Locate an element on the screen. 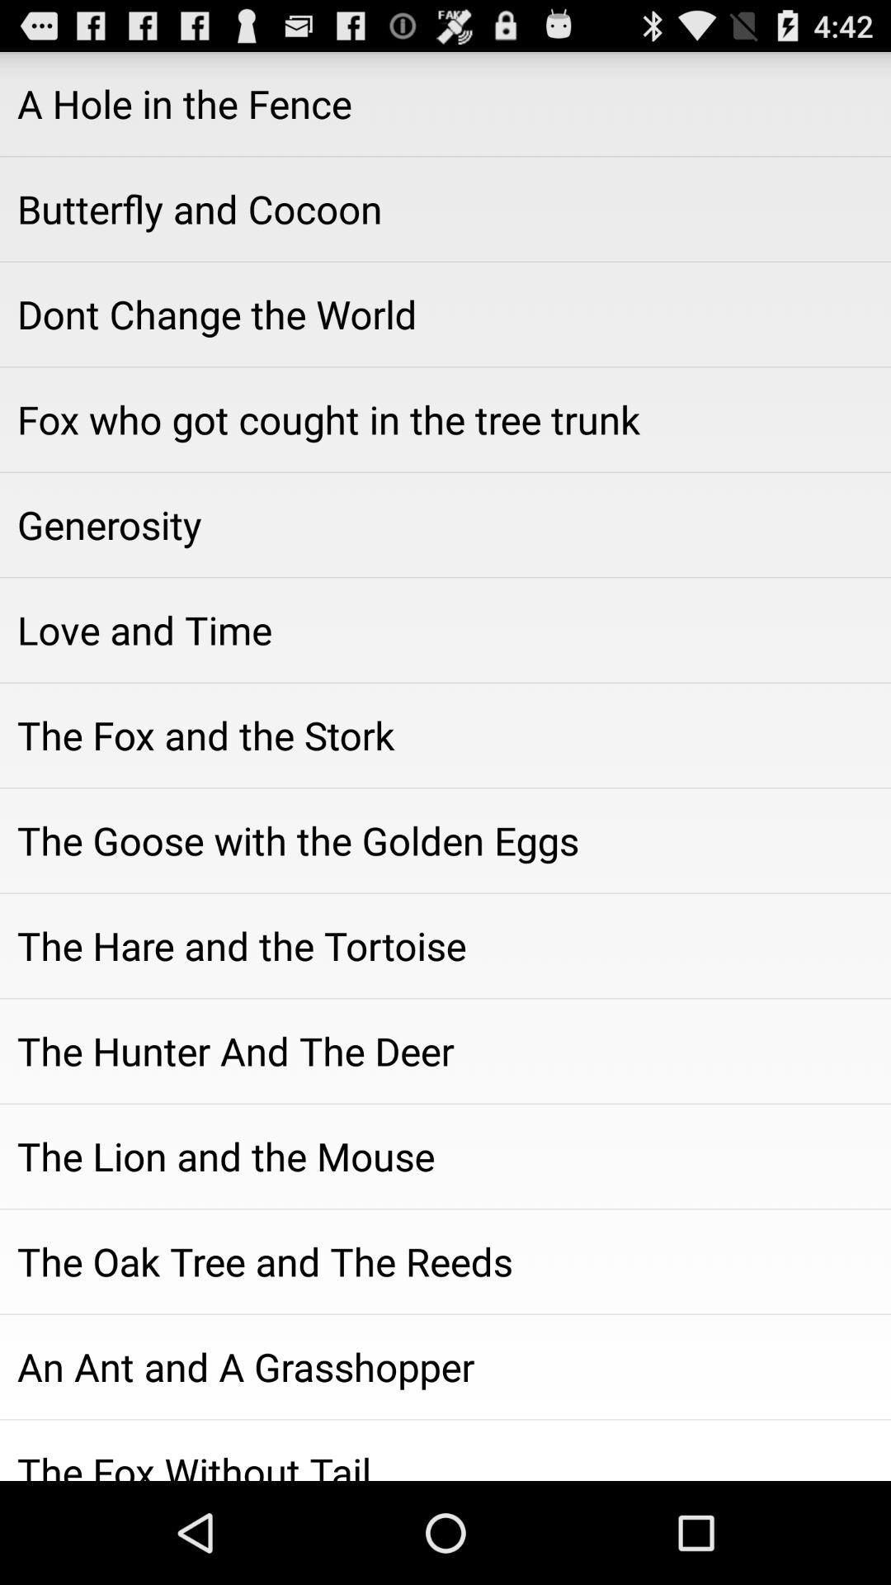 The width and height of the screenshot is (891, 1585). app above the hare and icon is located at coordinates (445, 840).